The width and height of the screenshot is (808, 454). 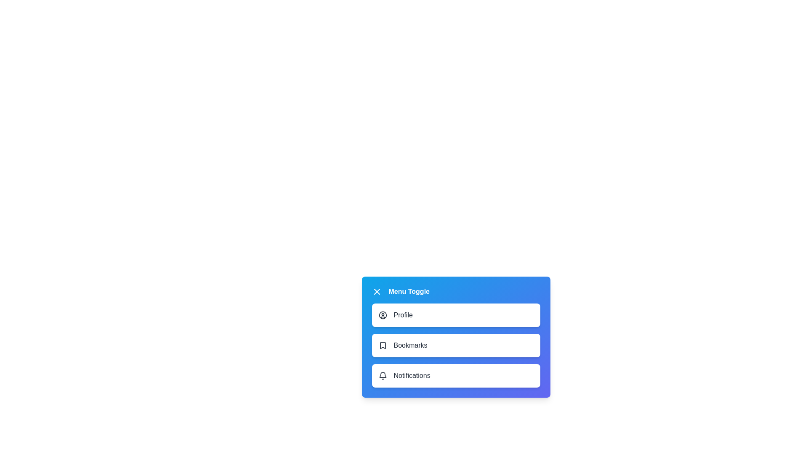 What do you see at coordinates (455, 375) in the screenshot?
I see `the menu item labeled Notifications to select it` at bounding box center [455, 375].